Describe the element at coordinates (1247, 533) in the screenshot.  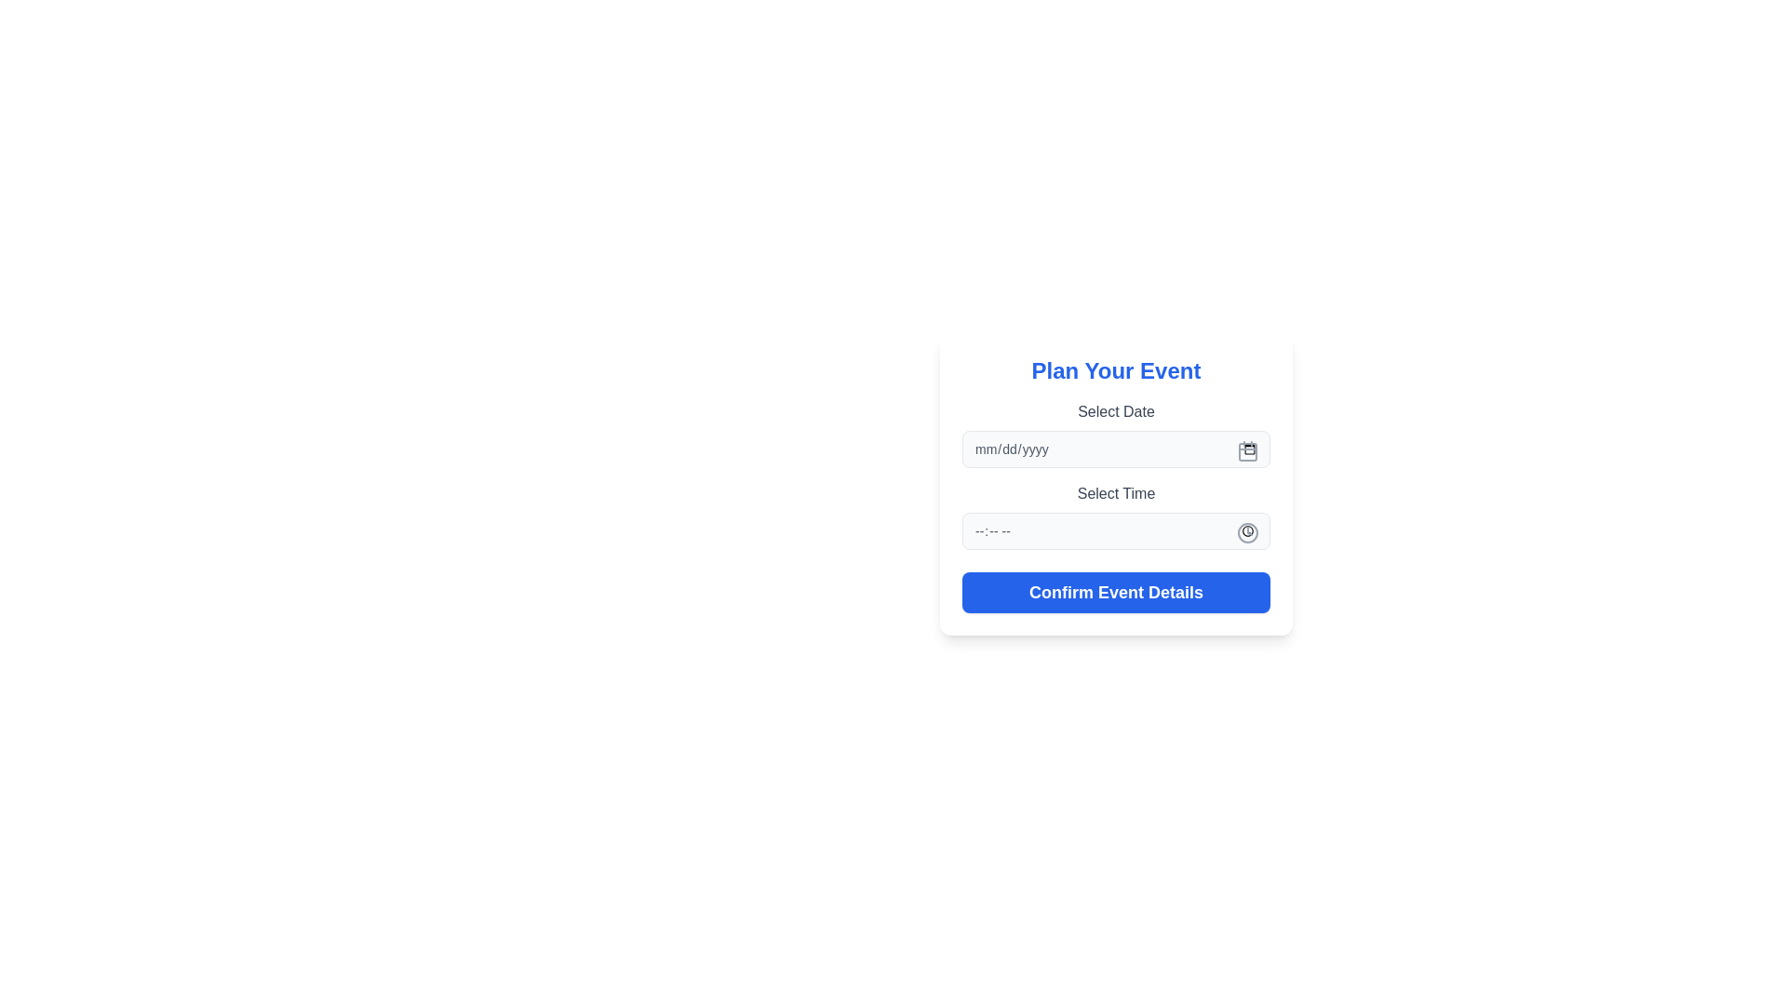
I see `the clock icon, which is a gray, circular element located at the far right of the time selection input field` at that location.